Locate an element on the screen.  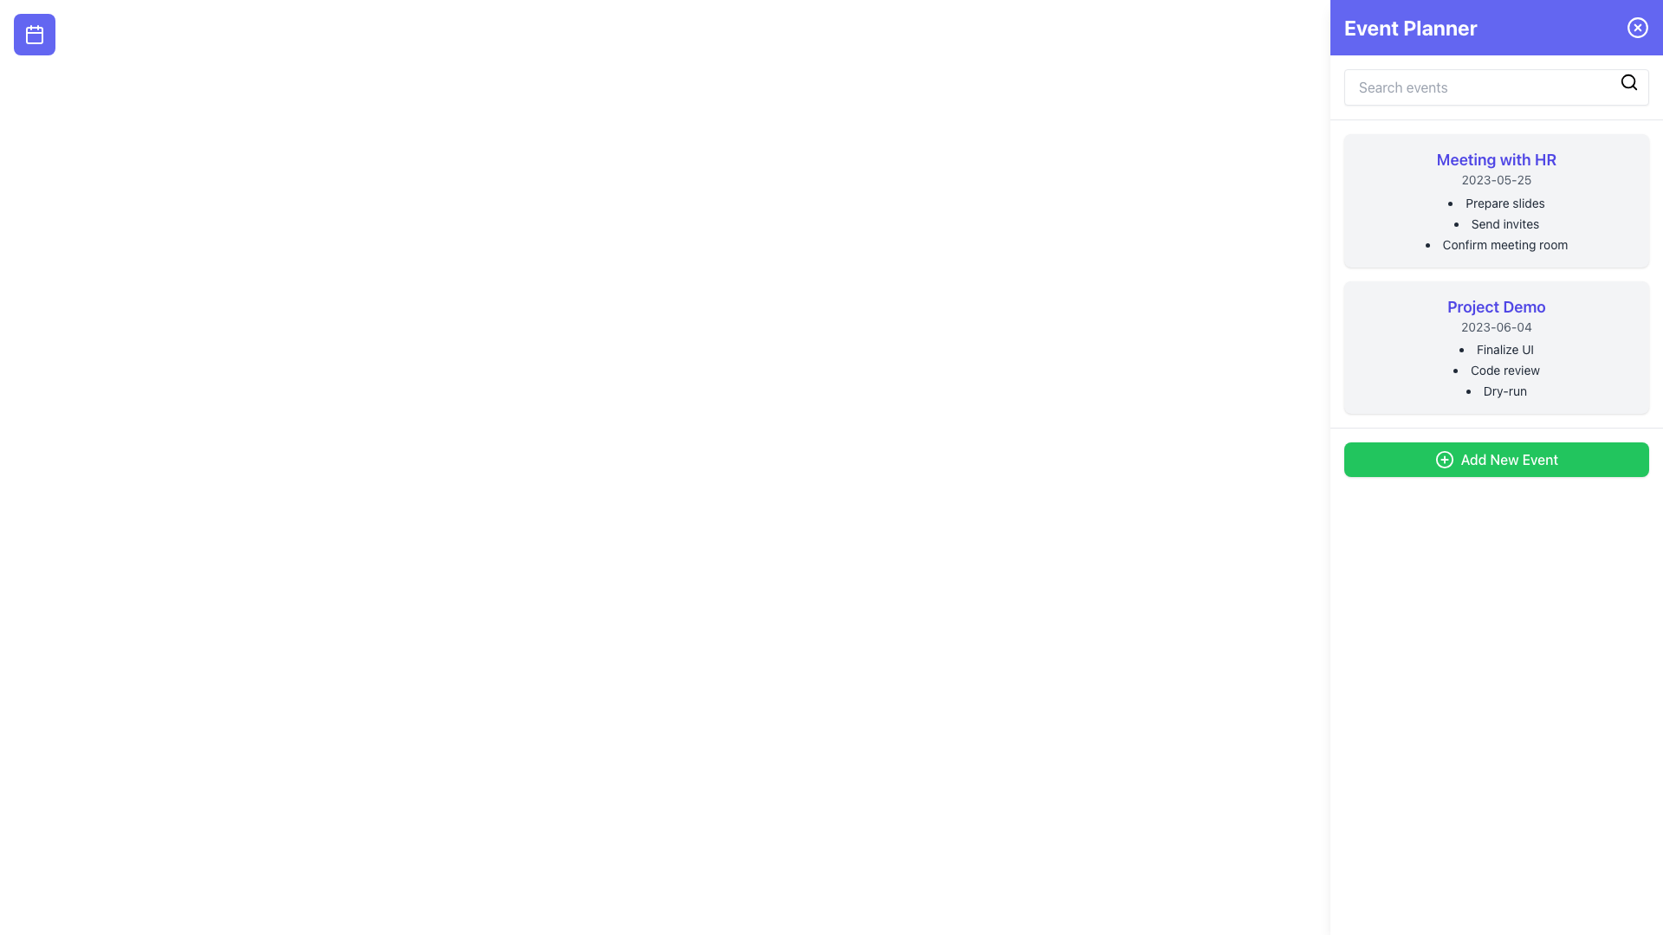
the 'Project Demo' Event card component which is the second item is located at coordinates (1496, 347).